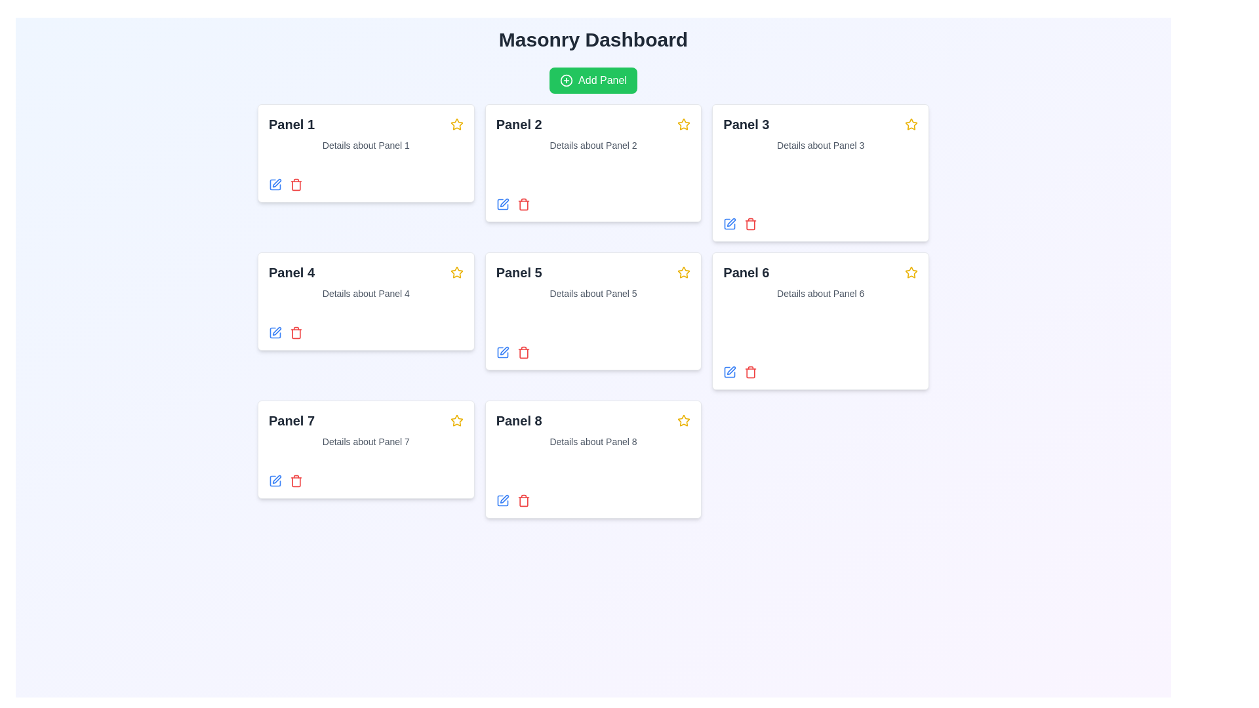 The height and width of the screenshot is (708, 1259). What do you see at coordinates (683, 420) in the screenshot?
I see `the yellow star-shaped icon button located in the top-right corner of 'Panel 8'` at bounding box center [683, 420].